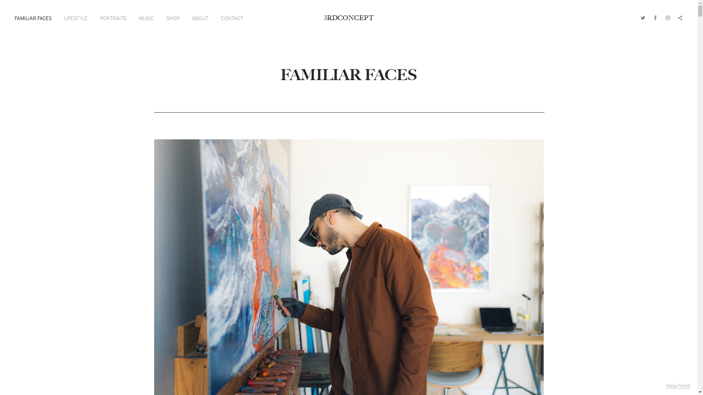 The height and width of the screenshot is (395, 703). I want to click on 'Share', so click(677, 17).